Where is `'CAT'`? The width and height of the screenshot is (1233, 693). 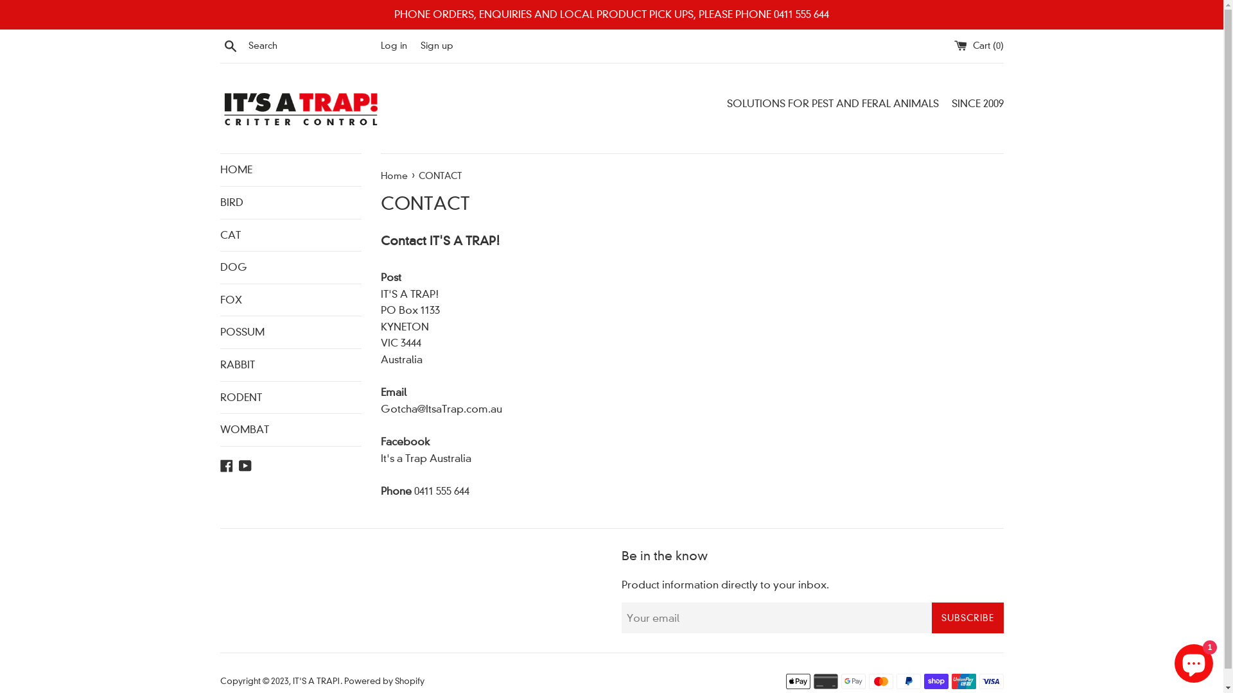
'CAT' is located at coordinates (289, 235).